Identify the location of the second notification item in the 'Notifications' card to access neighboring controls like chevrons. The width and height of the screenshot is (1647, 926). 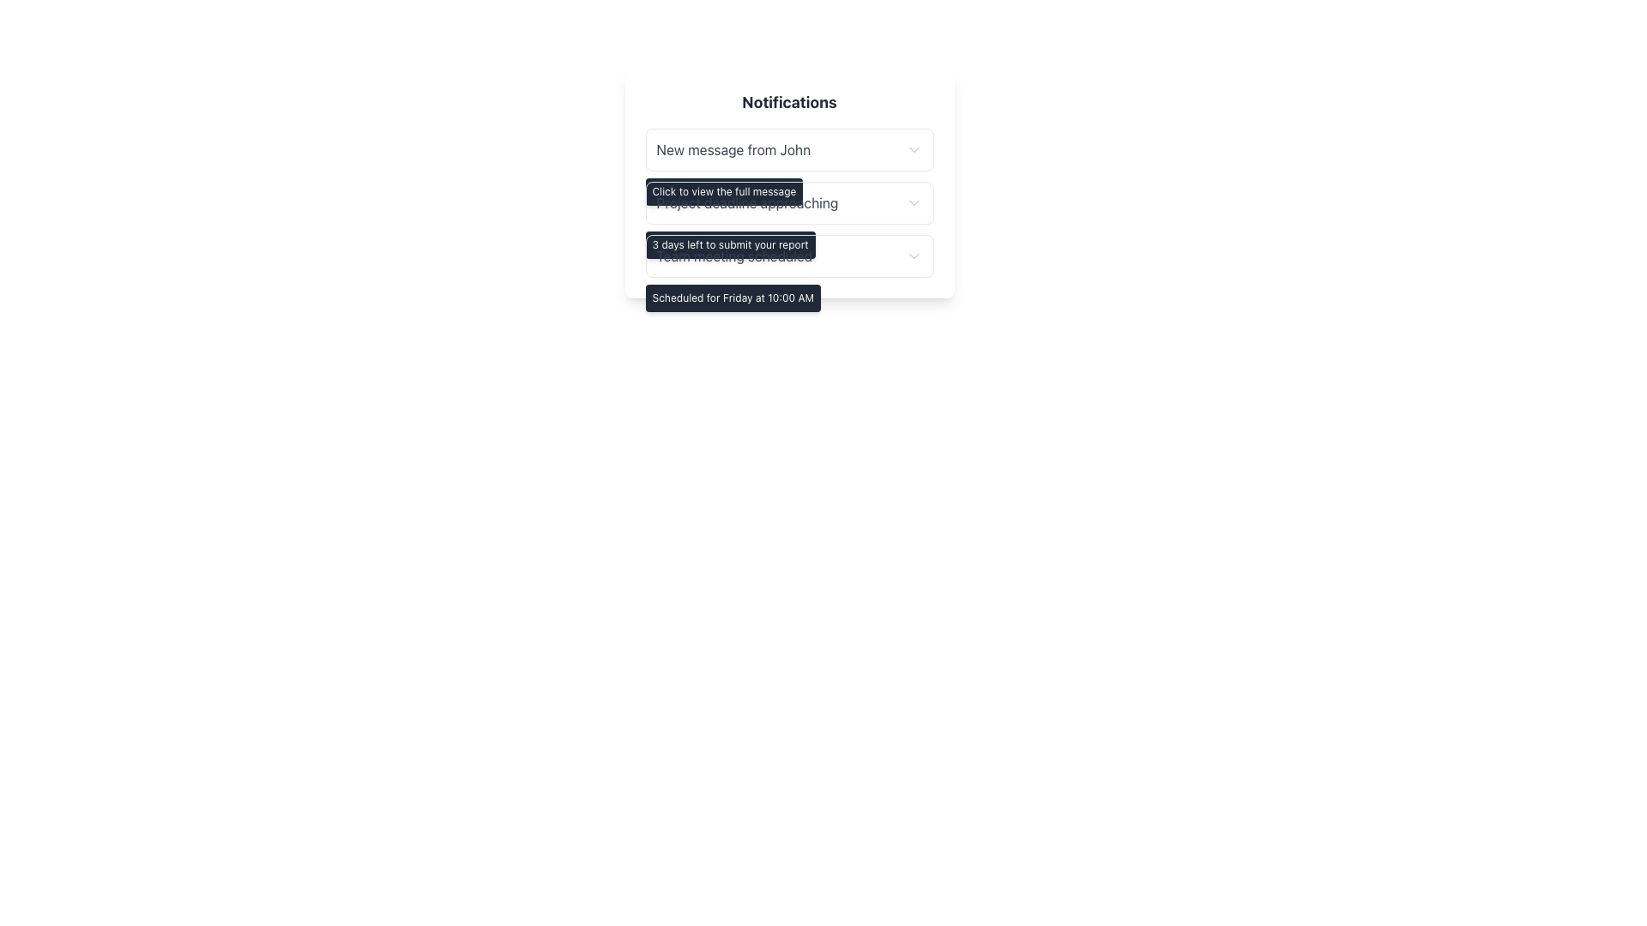
(788, 201).